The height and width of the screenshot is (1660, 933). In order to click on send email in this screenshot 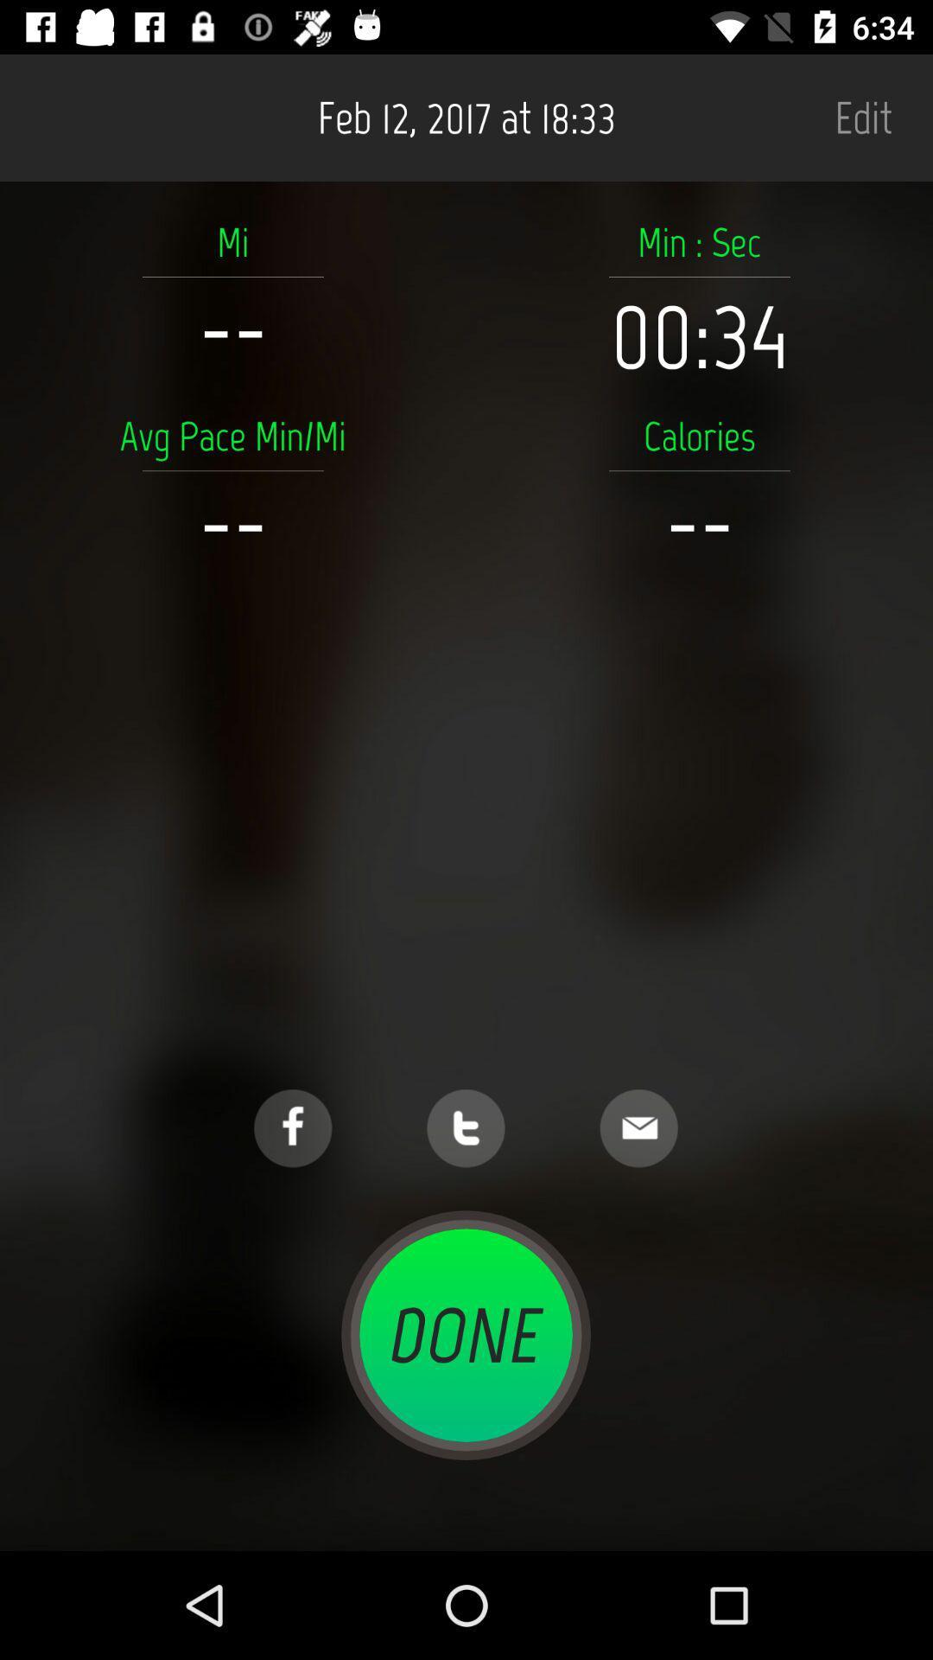, I will do `click(638, 1128)`.